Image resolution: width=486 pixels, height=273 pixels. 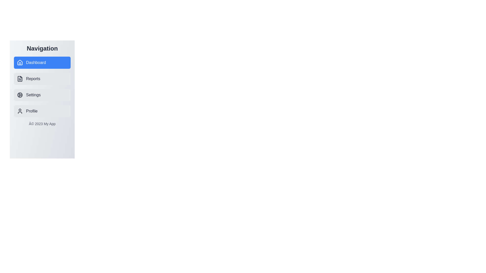 I want to click on the 'Profile' button located in the navigation sidebar, so click(x=42, y=111).